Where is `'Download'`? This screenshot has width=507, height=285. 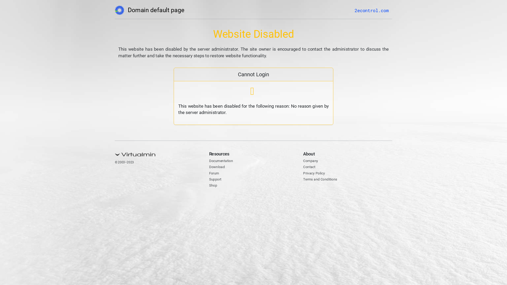
'Download' is located at coordinates (219, 167).